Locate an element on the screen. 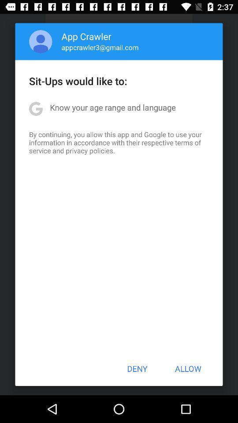 Image resolution: width=238 pixels, height=423 pixels. icon above sit ups would is located at coordinates (100, 47).